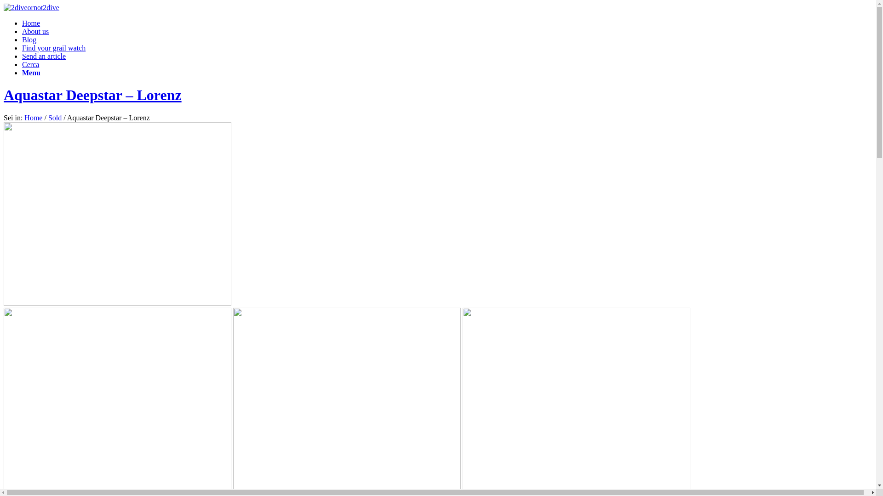  Describe the element at coordinates (43, 56) in the screenshot. I see `'Send an article'` at that location.